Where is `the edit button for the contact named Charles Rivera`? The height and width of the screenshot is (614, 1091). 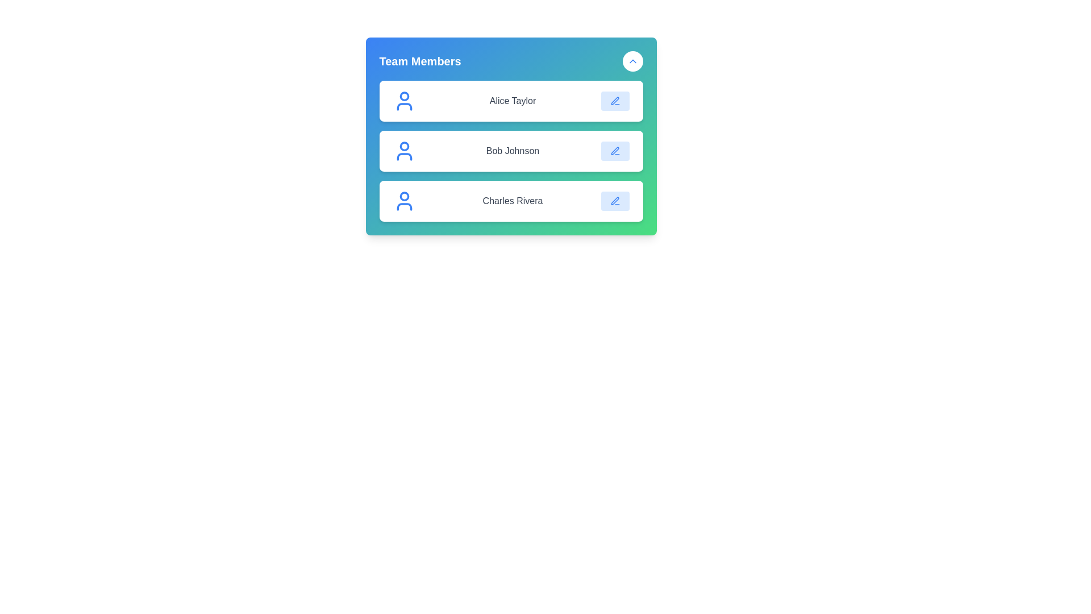 the edit button for the contact named Charles Rivera is located at coordinates (614, 201).